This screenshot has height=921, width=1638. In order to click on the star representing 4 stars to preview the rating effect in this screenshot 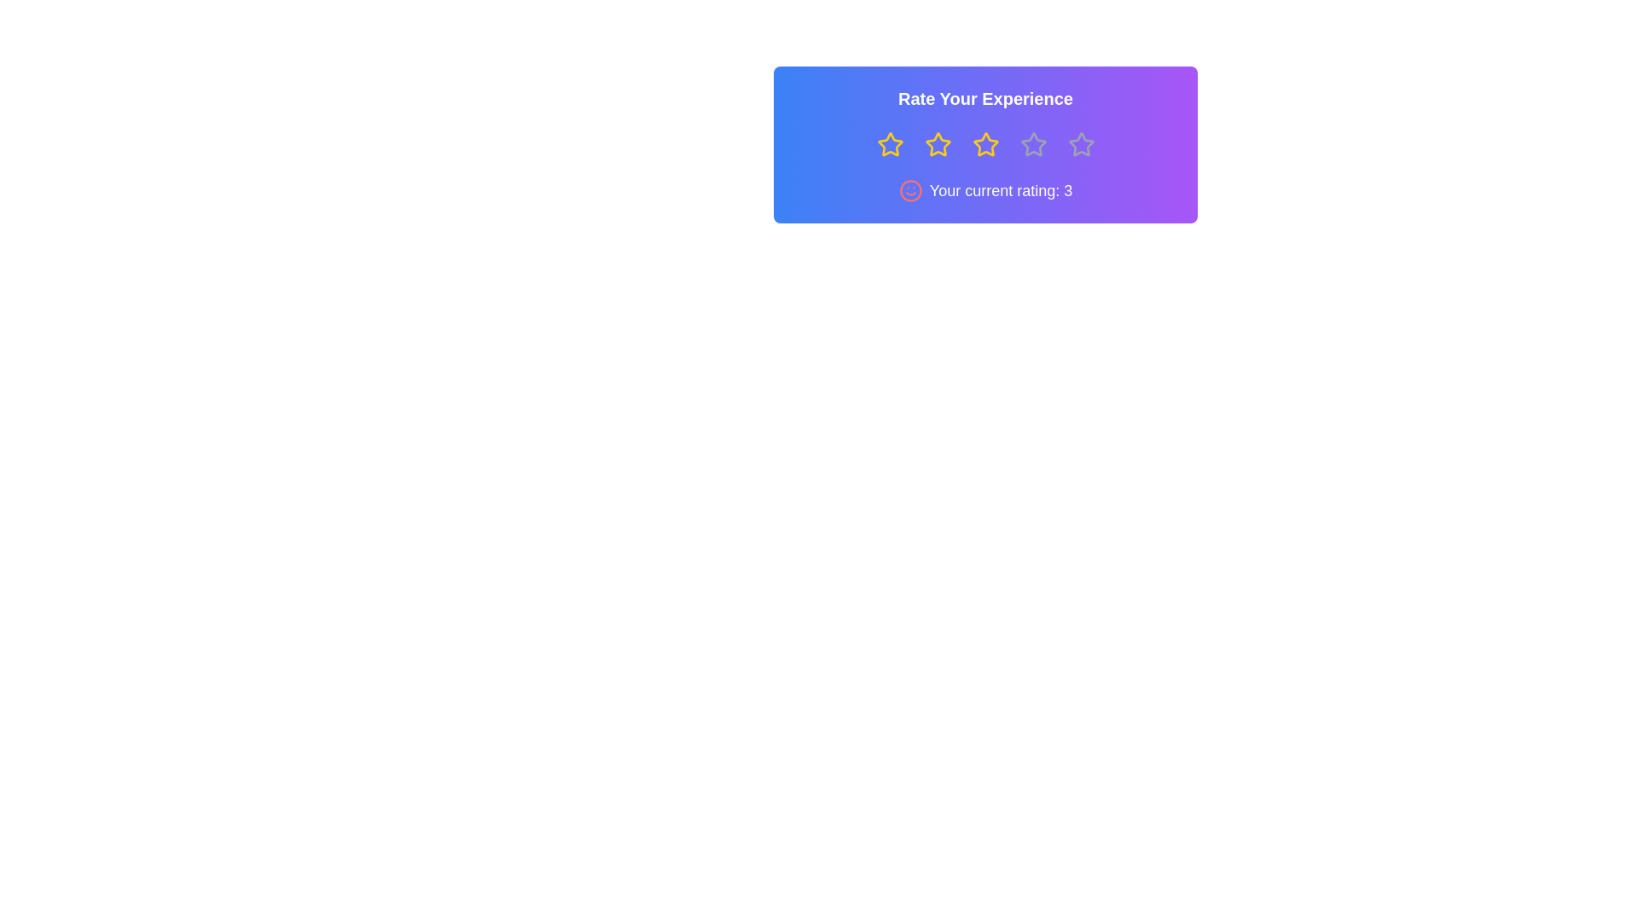, I will do `click(1032, 143)`.